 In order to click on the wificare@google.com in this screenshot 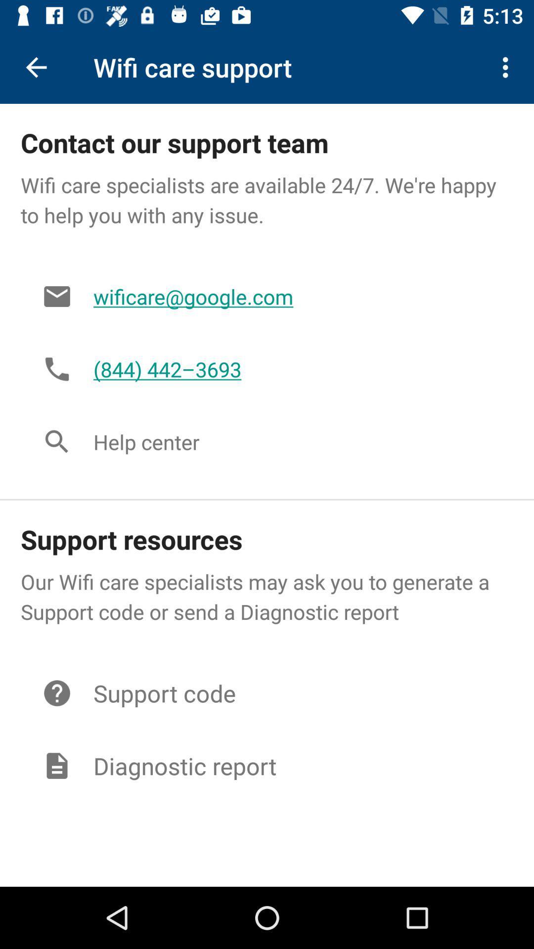, I will do `click(292, 296)`.